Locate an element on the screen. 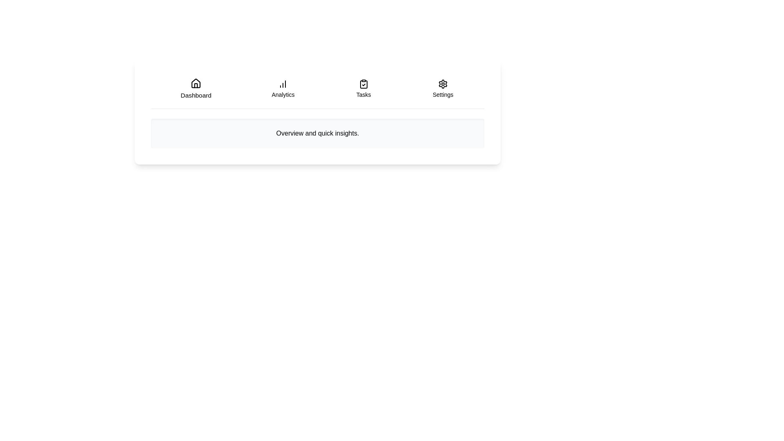 This screenshot has height=441, width=784. the 'Analytics' icon in the navigation menu, which is the second icon from the left in a horizontal layout is located at coordinates (283, 84).